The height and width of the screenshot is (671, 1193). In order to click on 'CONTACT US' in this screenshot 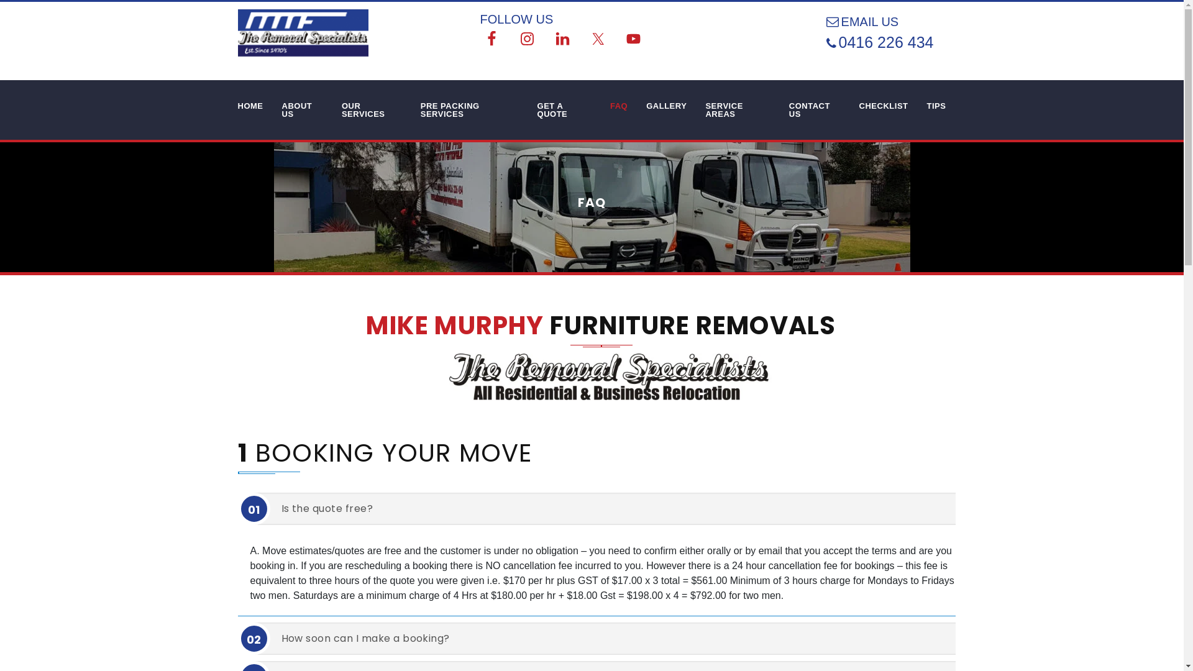, I will do `click(815, 109)`.